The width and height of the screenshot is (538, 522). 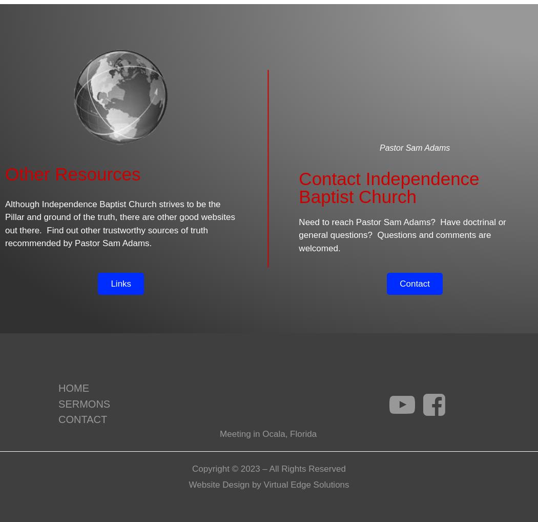 I want to click on 'Although Independence Baptist Church strives to be the Pillar and ground of the truth, there are other good websites out there.  Find out other trustworthy sources of truth recommended by Pastor Sam Adams.', so click(x=120, y=223).